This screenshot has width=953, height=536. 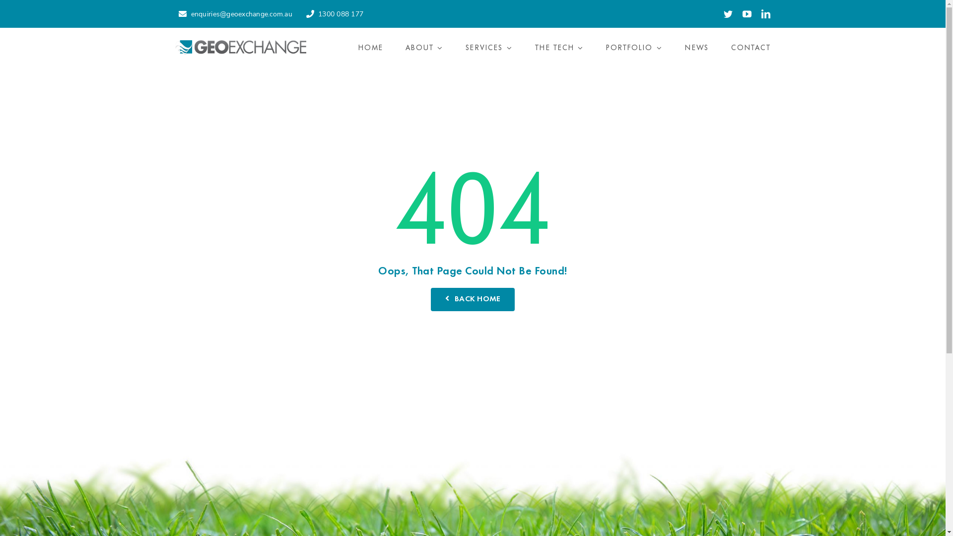 I want to click on 'enquiries@geoexchange.com.au', so click(x=233, y=13).